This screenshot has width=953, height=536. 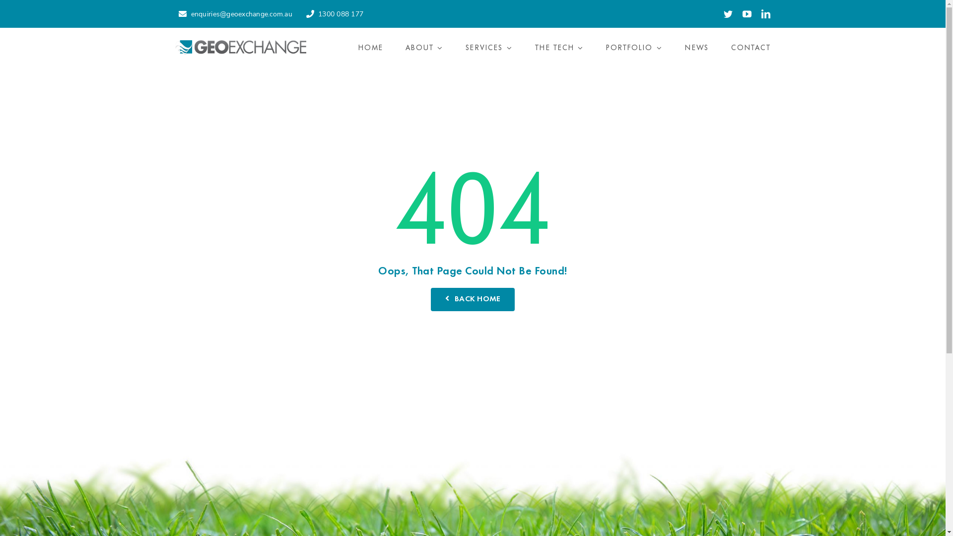 I want to click on 'enquiries@geoexchange.com.au', so click(x=233, y=13).